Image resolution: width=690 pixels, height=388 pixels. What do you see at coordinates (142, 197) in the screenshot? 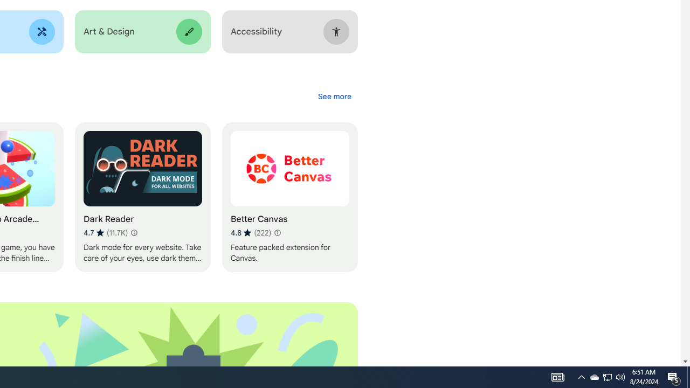
I see `'Dark Reader'` at bounding box center [142, 197].